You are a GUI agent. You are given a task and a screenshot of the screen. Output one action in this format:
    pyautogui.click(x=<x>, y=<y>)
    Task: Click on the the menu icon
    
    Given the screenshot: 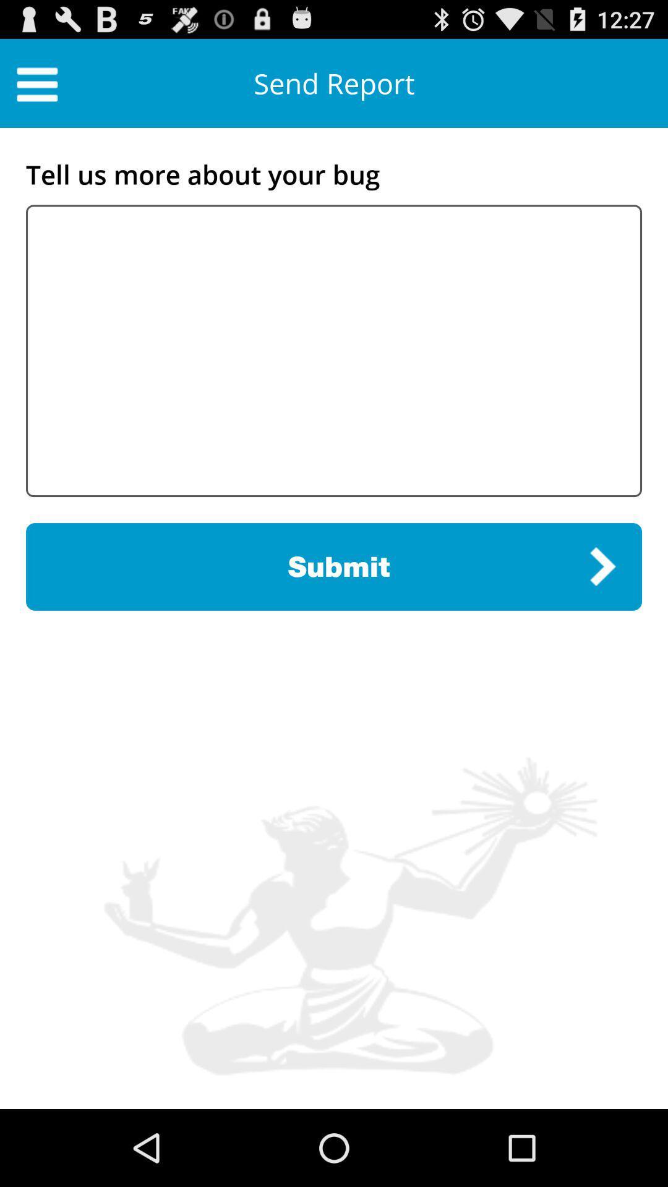 What is the action you would take?
    pyautogui.click(x=36, y=88)
    